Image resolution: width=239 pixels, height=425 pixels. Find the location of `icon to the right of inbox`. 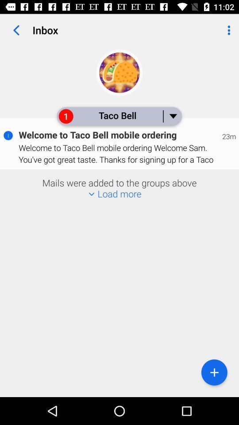

icon to the right of inbox is located at coordinates (227, 30).